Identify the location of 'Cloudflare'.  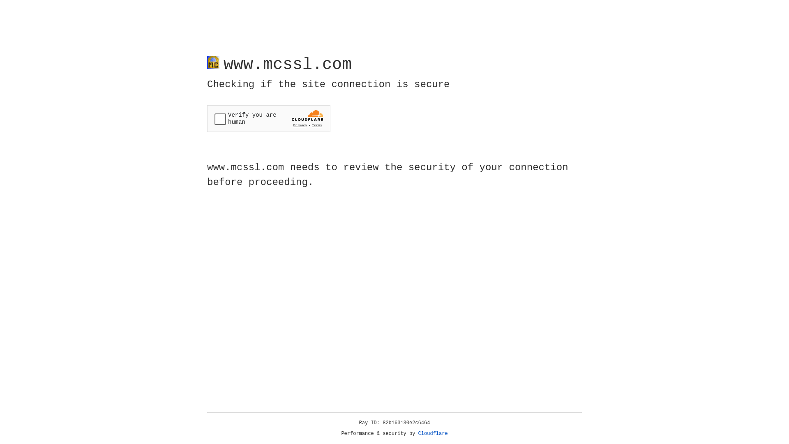
(433, 433).